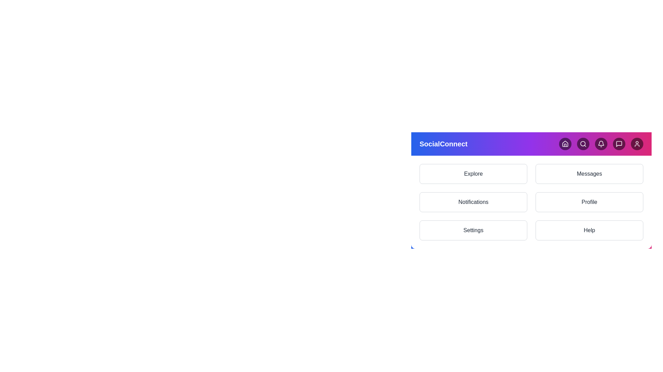  I want to click on the navigation option labeled Messages, so click(589, 174).